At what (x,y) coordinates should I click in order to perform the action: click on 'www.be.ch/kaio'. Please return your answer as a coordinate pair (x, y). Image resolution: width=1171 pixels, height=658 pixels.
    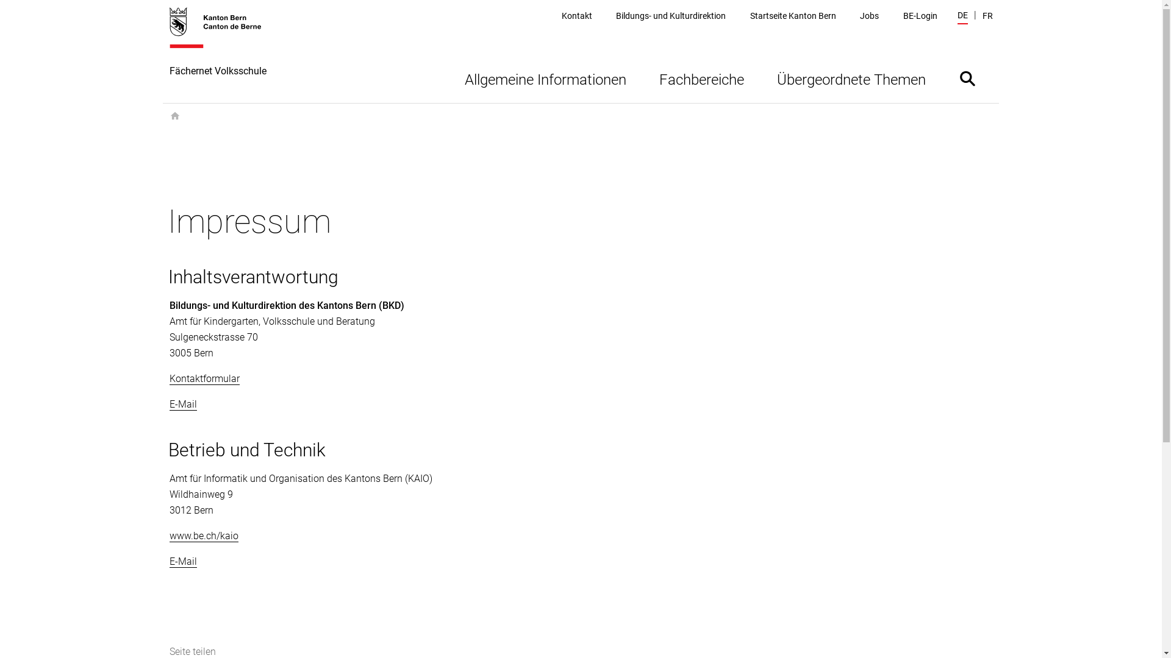
    Looking at the image, I should click on (204, 535).